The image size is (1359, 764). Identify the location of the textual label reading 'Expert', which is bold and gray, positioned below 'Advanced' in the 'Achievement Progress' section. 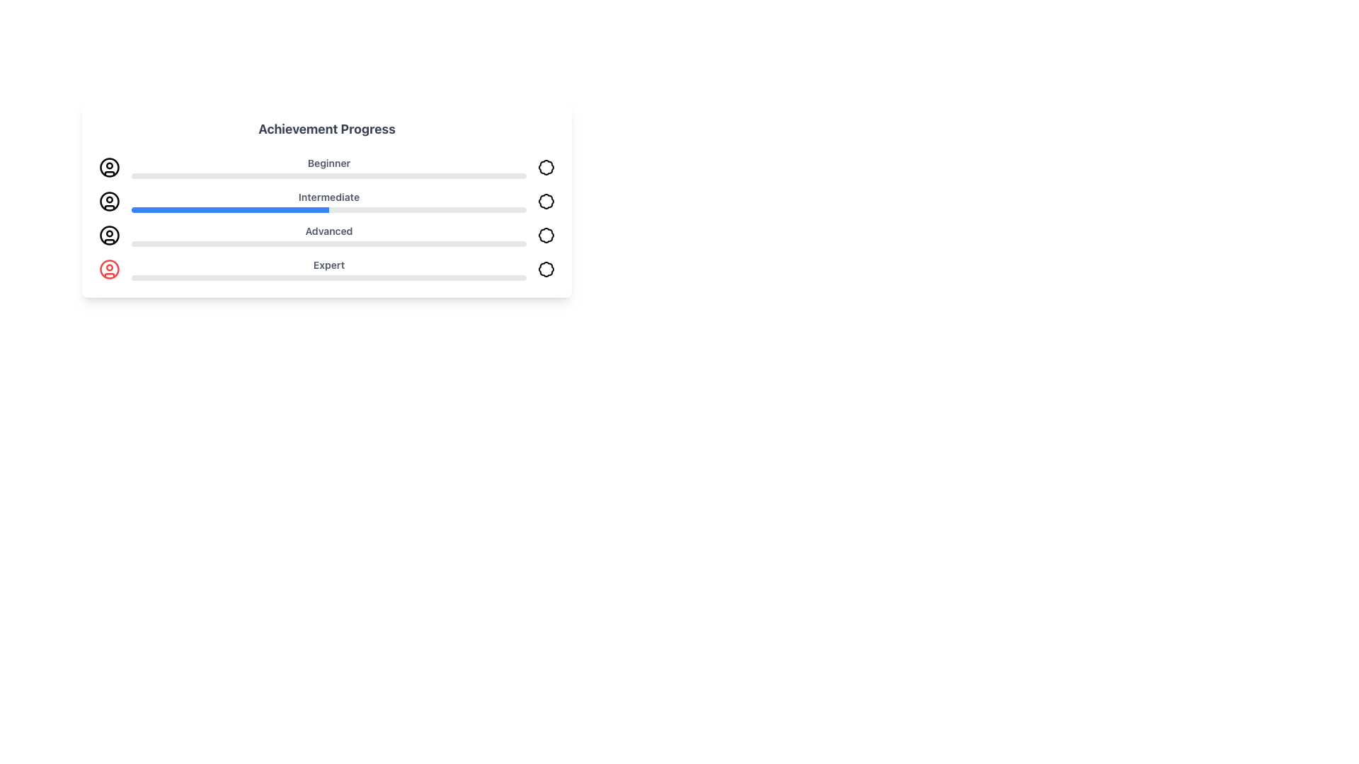
(328, 270).